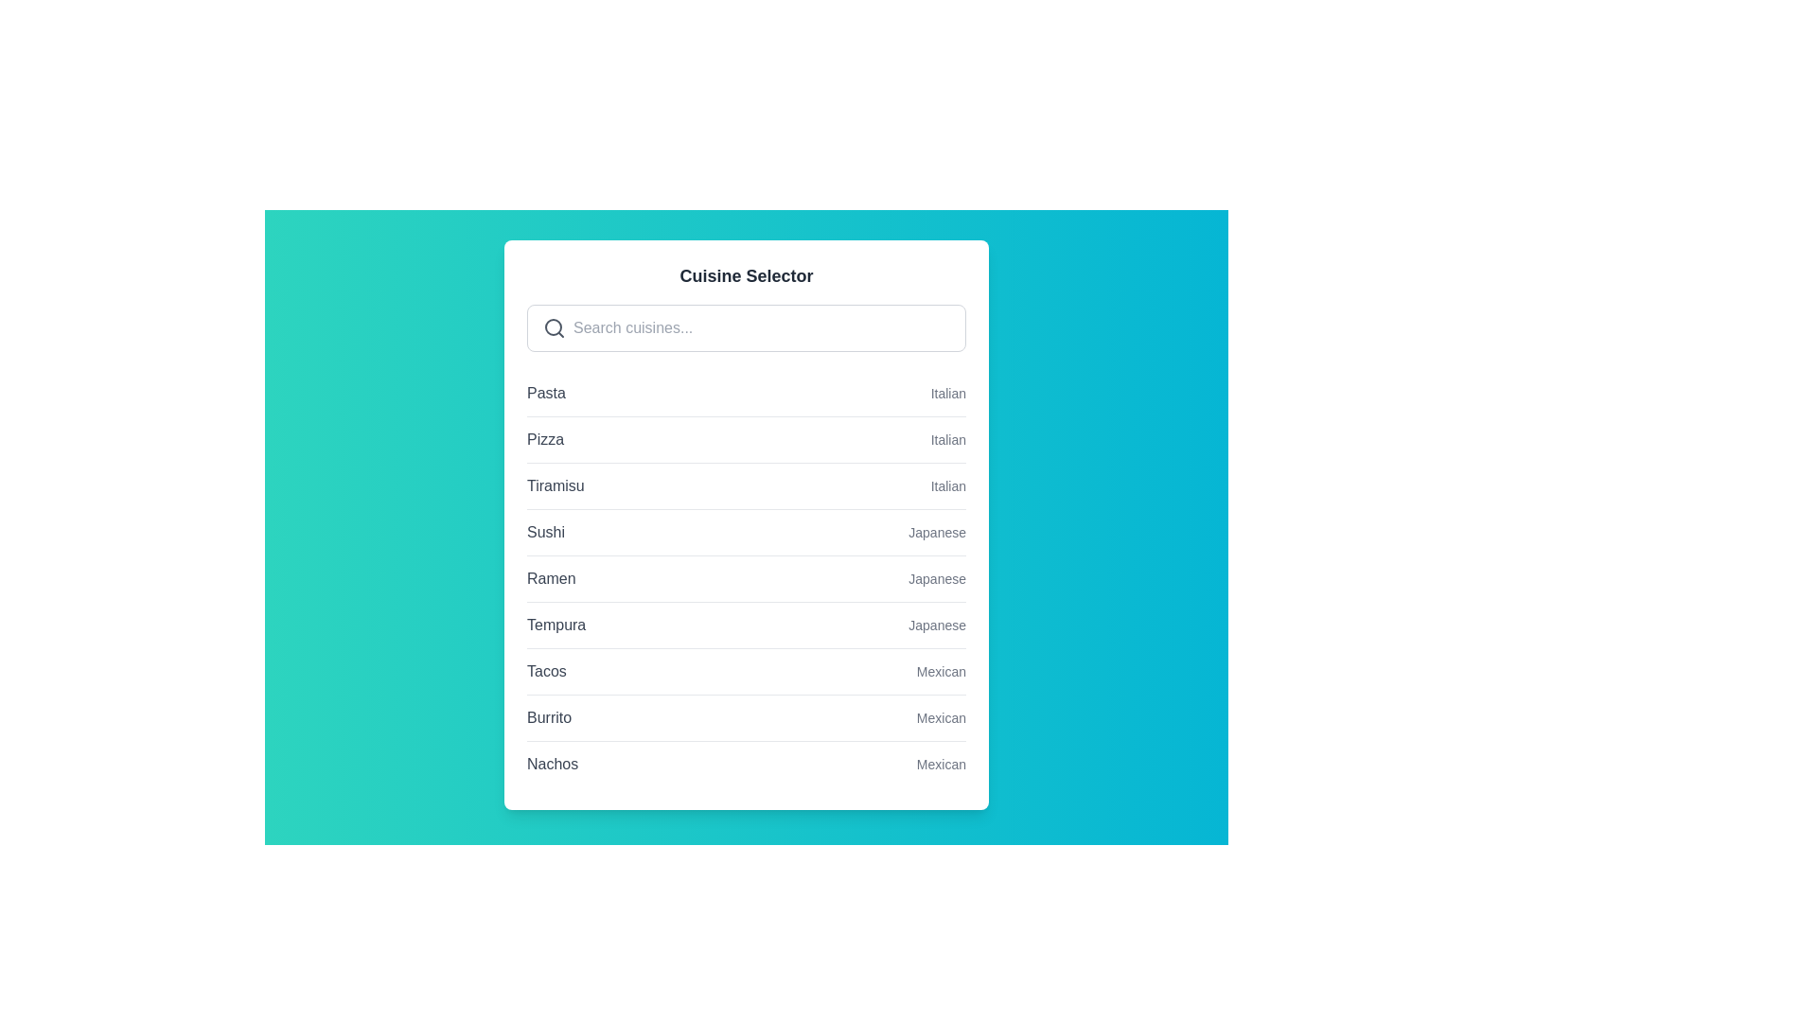 Image resolution: width=1817 pixels, height=1022 pixels. What do you see at coordinates (553, 327) in the screenshot?
I see `search icon located at the leftmost side of the input field for 'Search cuisines...' to gather visual reference` at bounding box center [553, 327].